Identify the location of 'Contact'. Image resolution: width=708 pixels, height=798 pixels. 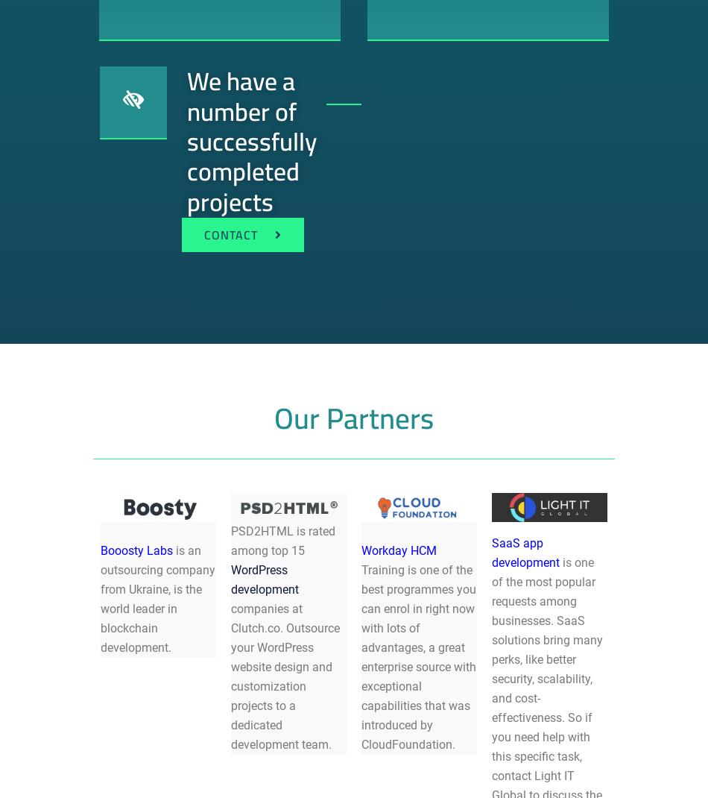
(230, 234).